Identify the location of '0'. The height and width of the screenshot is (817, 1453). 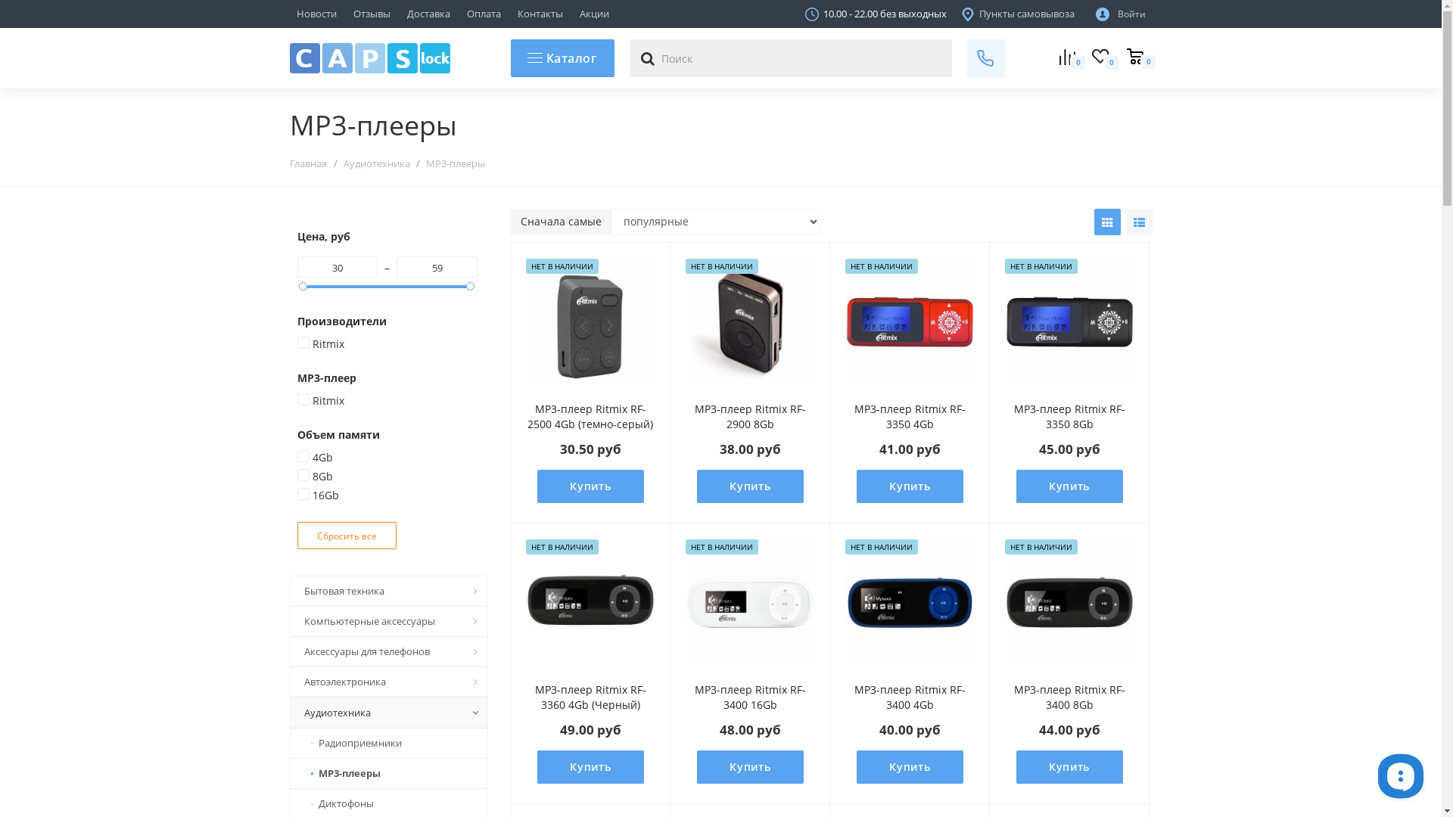
(1134, 57).